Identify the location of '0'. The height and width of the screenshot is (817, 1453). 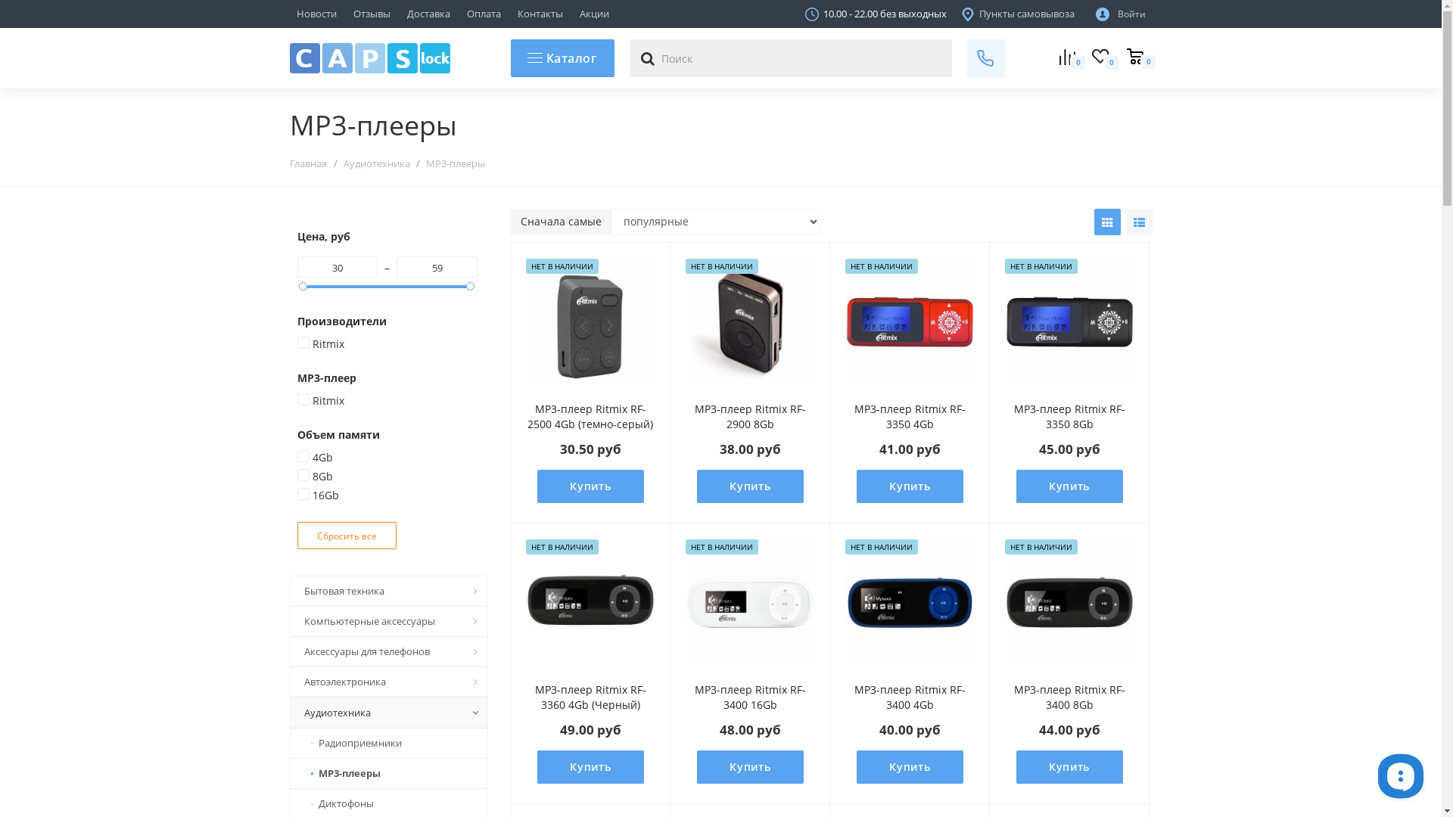
(1134, 57).